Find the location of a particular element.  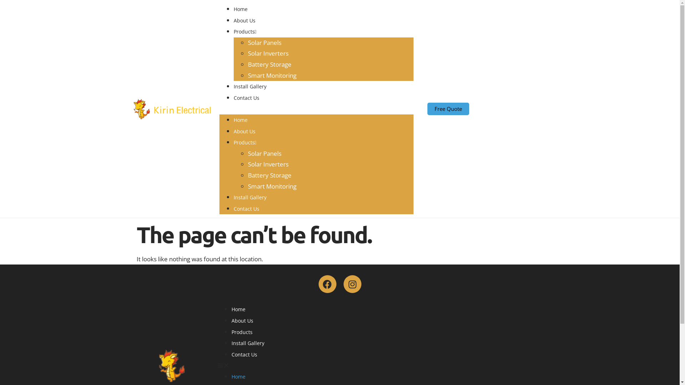

'Solar Inverters' is located at coordinates (267, 53).